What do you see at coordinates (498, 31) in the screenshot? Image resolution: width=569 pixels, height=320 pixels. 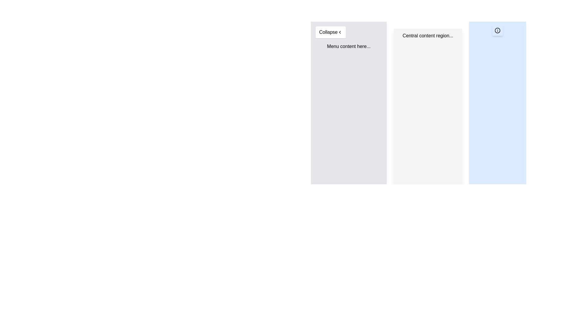 I see `the compact circular information button with a blue background and outlined 'i' icon located at the top right corner of the blue sidebar` at bounding box center [498, 31].